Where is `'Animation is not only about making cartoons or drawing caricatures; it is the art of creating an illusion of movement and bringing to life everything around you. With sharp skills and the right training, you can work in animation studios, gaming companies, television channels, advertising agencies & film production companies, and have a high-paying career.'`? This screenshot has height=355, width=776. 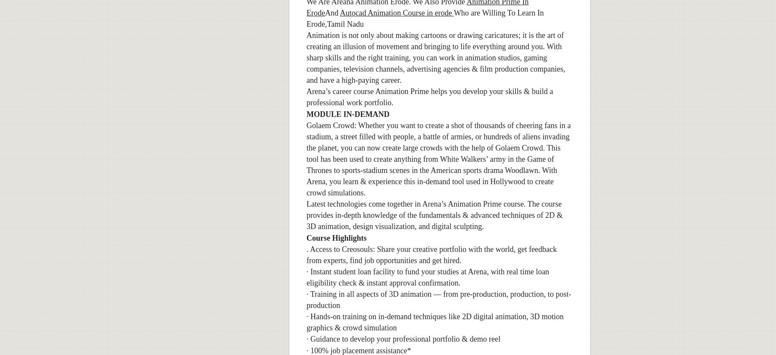 'Animation is not only about making cartoons or drawing caricatures; it is the art of creating an illusion of movement and bringing to life everything around you. With sharp skills and the right training, you can work in animation studios, gaming companies, television channels, advertising agencies & film production companies, and have a high-paying career.' is located at coordinates (435, 57).